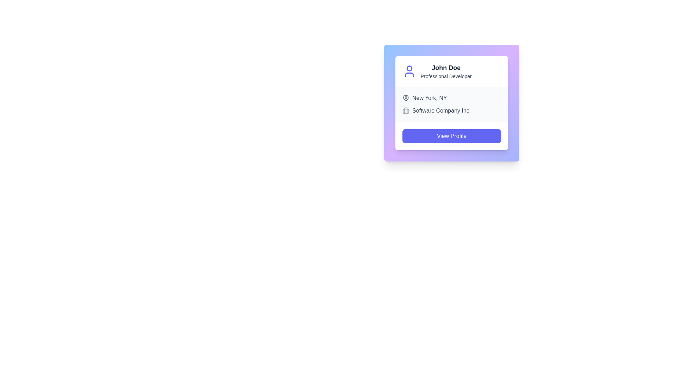 The width and height of the screenshot is (676, 380). Describe the element at coordinates (451, 111) in the screenshot. I see `the 'Software Company Inc.' text with the briefcase icon located in the lower section of the card design, beneath the 'New York, NY' text` at that location.